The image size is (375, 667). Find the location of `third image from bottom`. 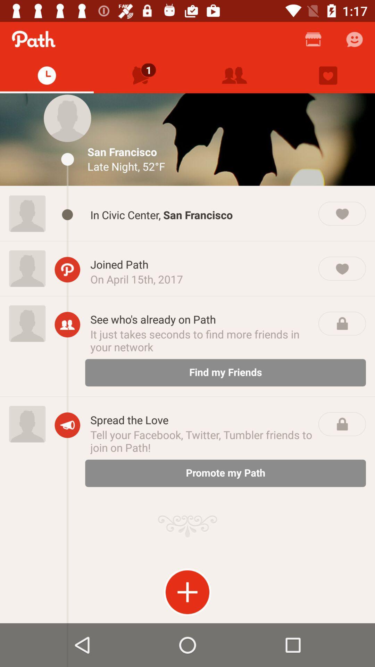

third image from bottom is located at coordinates (27, 268).